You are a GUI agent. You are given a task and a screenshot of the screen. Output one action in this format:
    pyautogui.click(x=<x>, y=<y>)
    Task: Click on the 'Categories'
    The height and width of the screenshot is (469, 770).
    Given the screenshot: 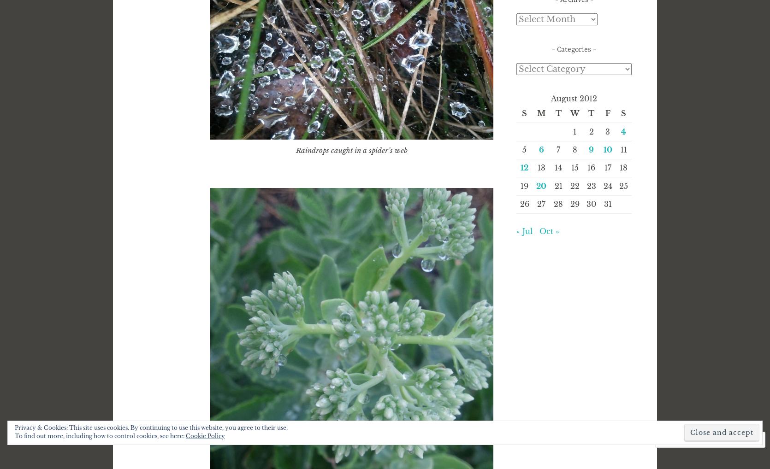 What is the action you would take?
    pyautogui.click(x=574, y=49)
    